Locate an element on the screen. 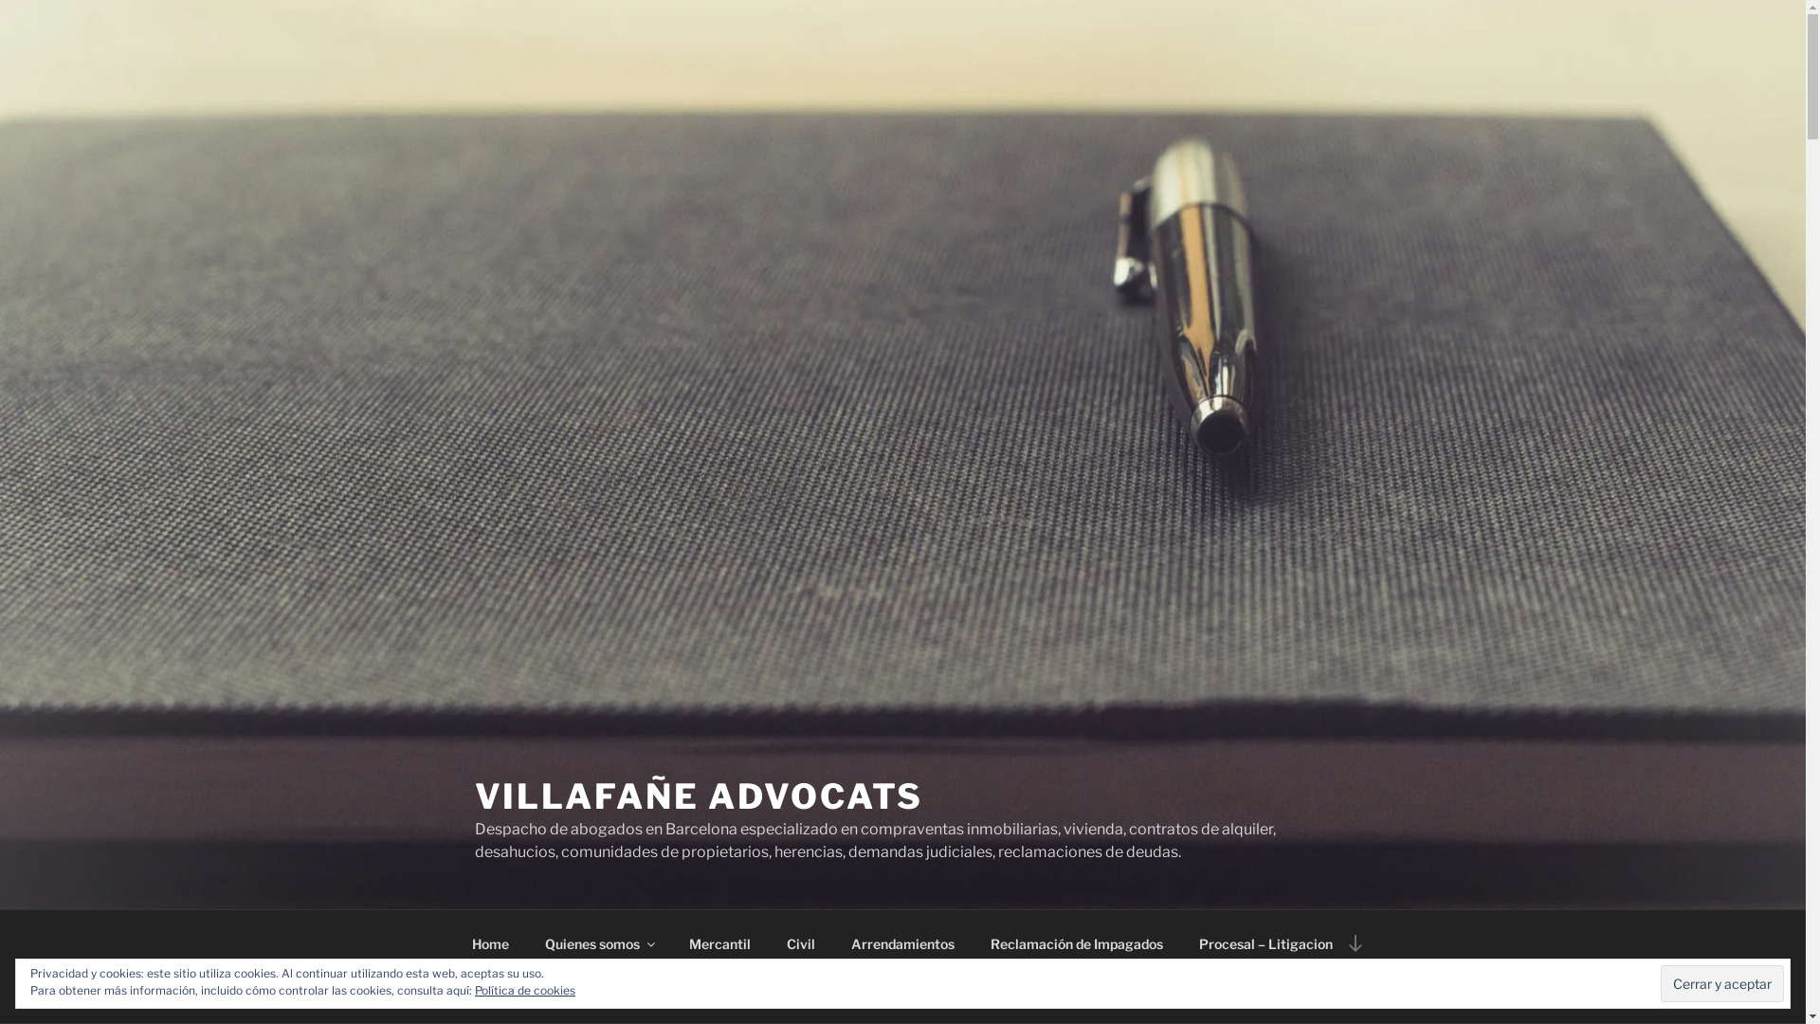 This screenshot has height=1024, width=1820. 'Mercantil' is located at coordinates (719, 942).